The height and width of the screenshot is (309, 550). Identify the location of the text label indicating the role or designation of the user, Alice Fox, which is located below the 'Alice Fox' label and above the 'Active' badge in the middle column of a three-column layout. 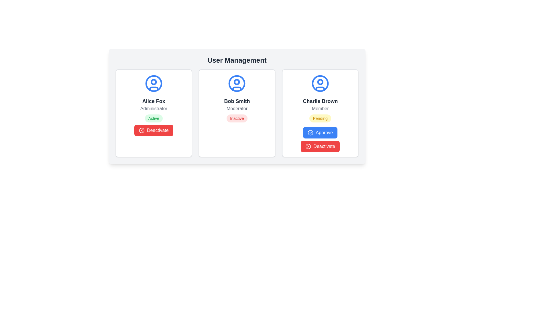
(154, 109).